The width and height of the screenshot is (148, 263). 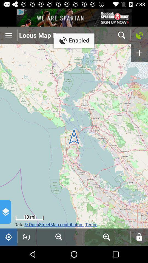 What do you see at coordinates (5, 211) in the screenshot?
I see `the layers icon` at bounding box center [5, 211].